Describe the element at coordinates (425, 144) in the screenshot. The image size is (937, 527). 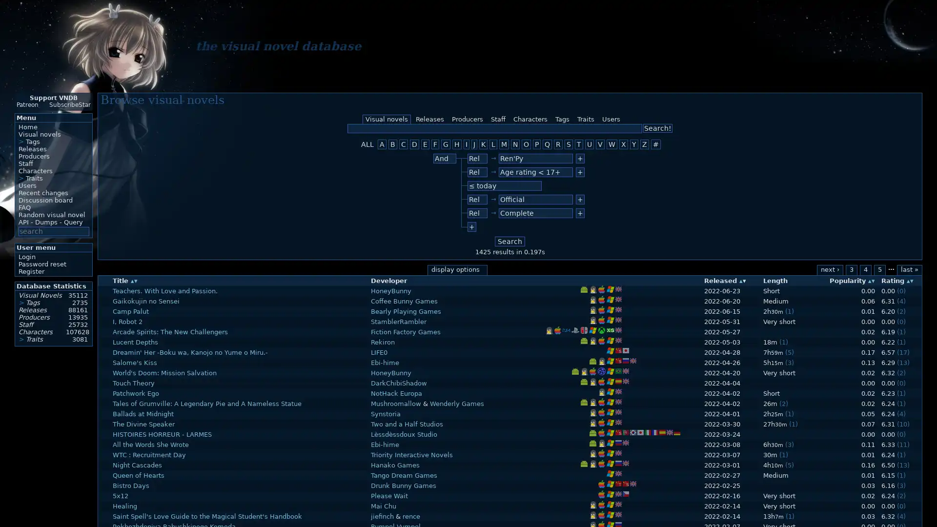
I see `E` at that location.